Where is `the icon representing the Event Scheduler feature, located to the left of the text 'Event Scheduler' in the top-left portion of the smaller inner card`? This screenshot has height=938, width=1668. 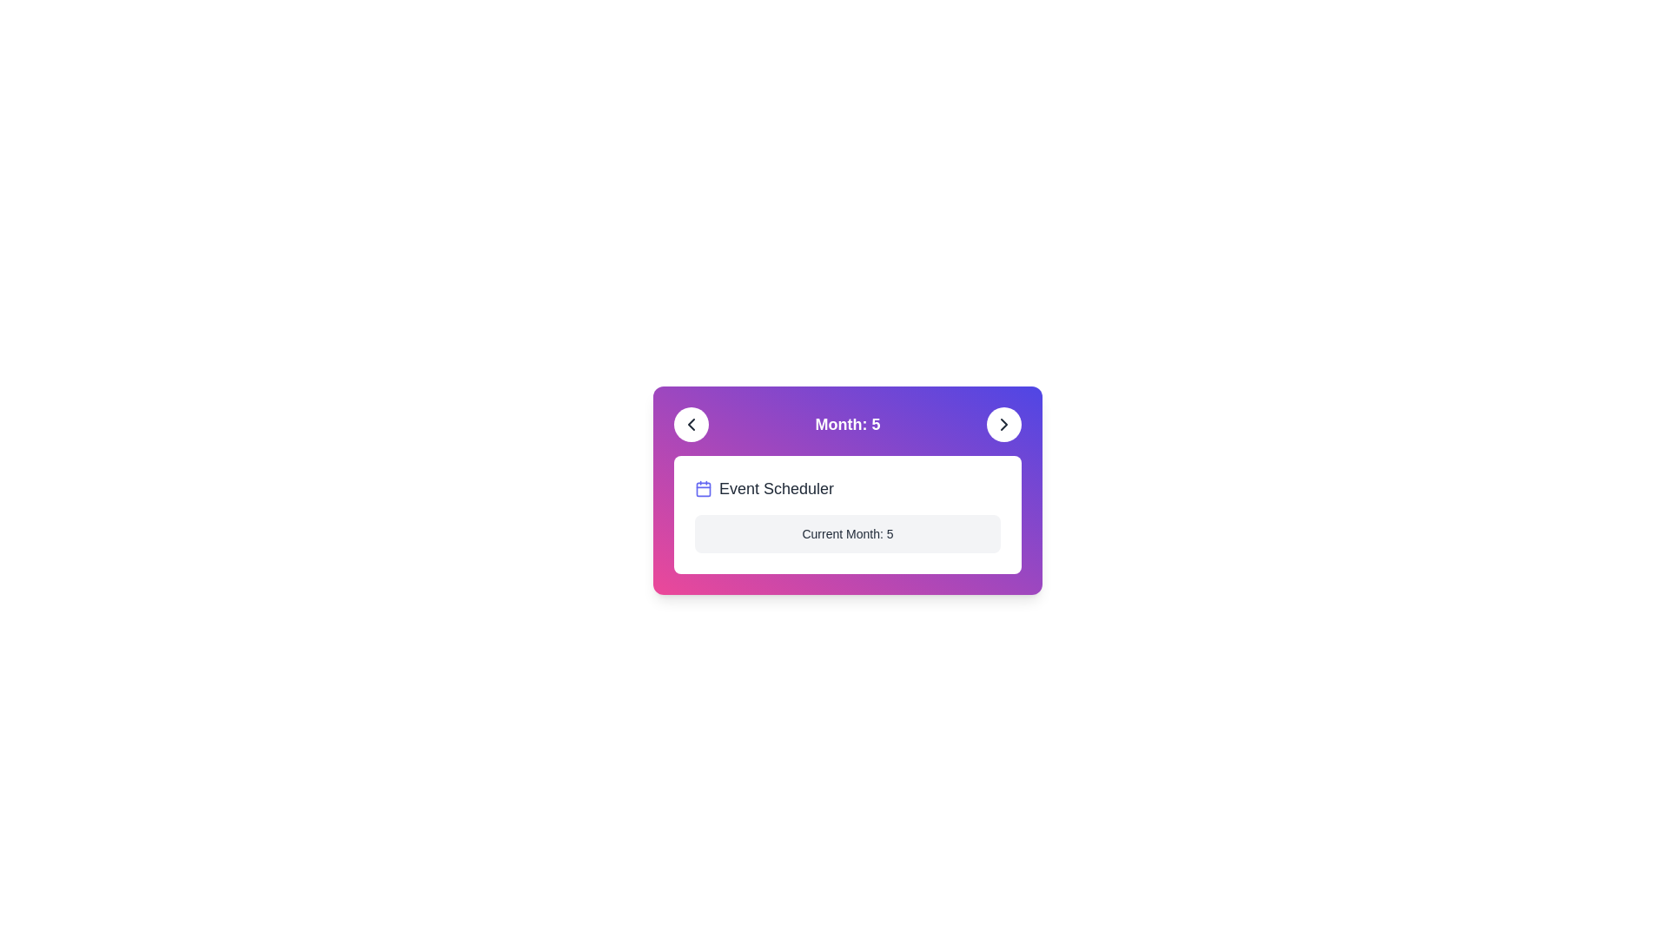
the icon representing the Event Scheduler feature, located to the left of the text 'Event Scheduler' in the top-left portion of the smaller inner card is located at coordinates (704, 489).